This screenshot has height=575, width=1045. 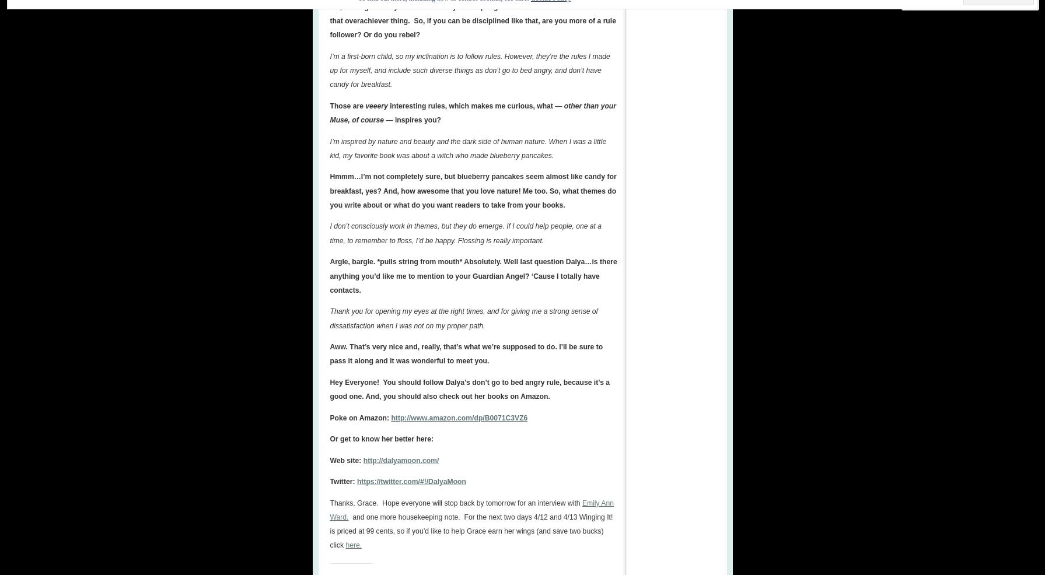 I want to click on 'Thank you for opening my eyes at the right times, and for giving me a strong sense of dissatisfaction when I was not on my proper path.', so click(x=463, y=318).